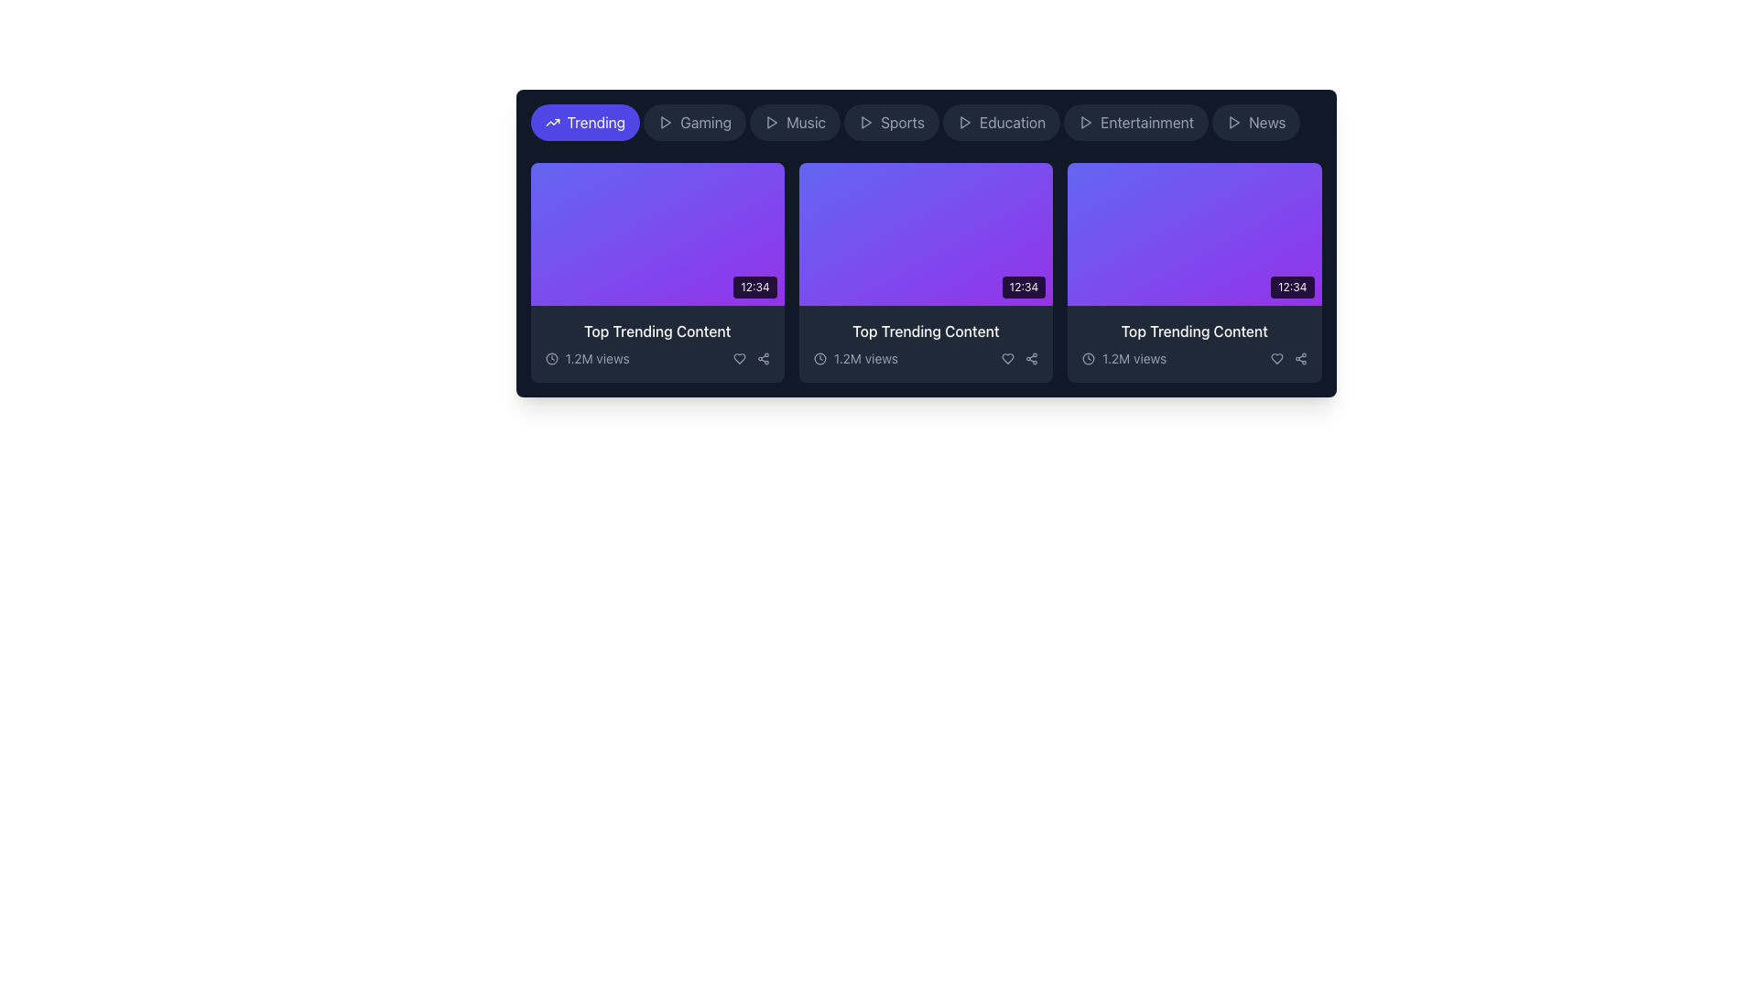  I want to click on the play icon button located within the 'Entertainment' button, which is styled with a dark background and rounded edges, positioned at the leftmost part of the button, so click(1086, 123).